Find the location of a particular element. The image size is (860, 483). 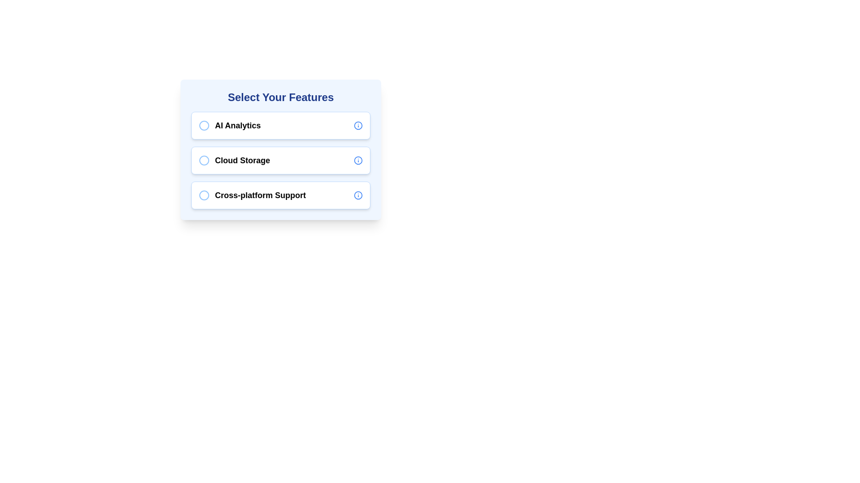

the informational tooltip button located to the right of the 'Cross-platform Support' label is located at coordinates (358, 195).